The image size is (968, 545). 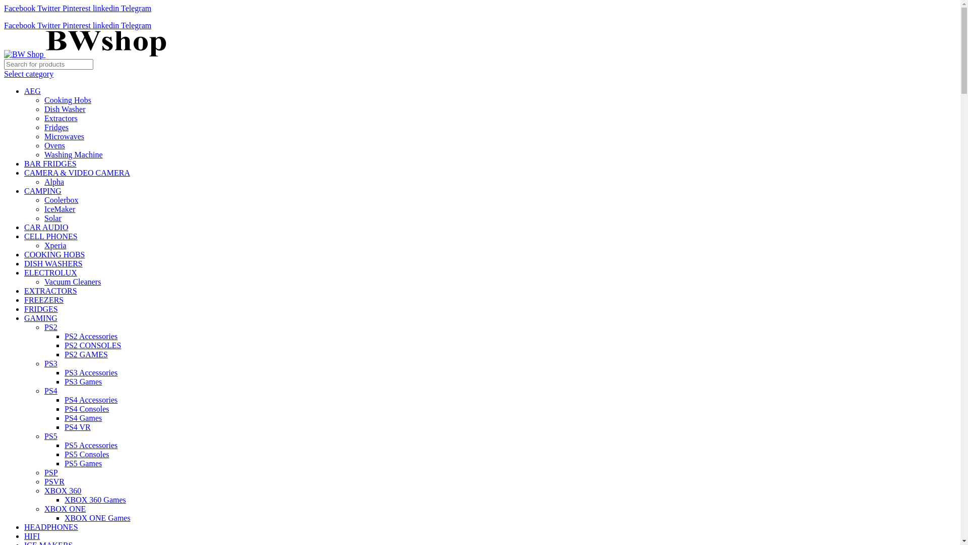 What do you see at coordinates (24, 236) in the screenshot?
I see `'CELL PHONES'` at bounding box center [24, 236].